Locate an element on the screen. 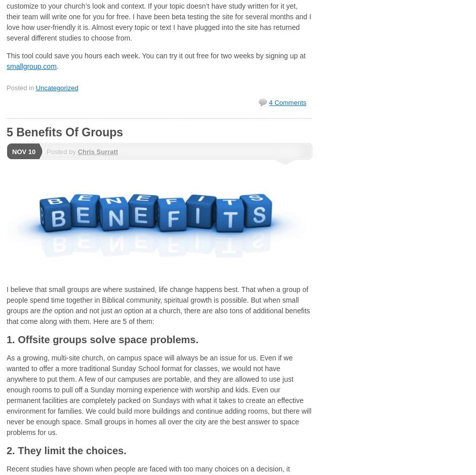 The image size is (476, 475). 'Nov 10' is located at coordinates (23, 151).